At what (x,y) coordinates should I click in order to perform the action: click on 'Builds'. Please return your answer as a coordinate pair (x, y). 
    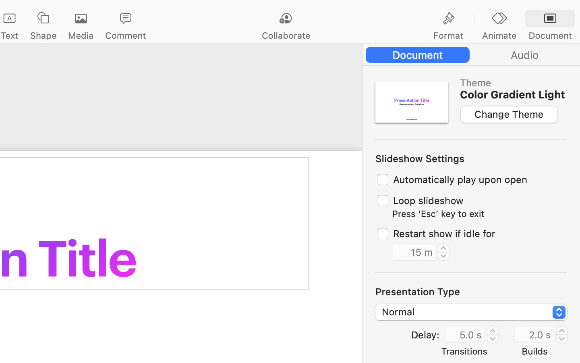
    Looking at the image, I should click on (534, 351).